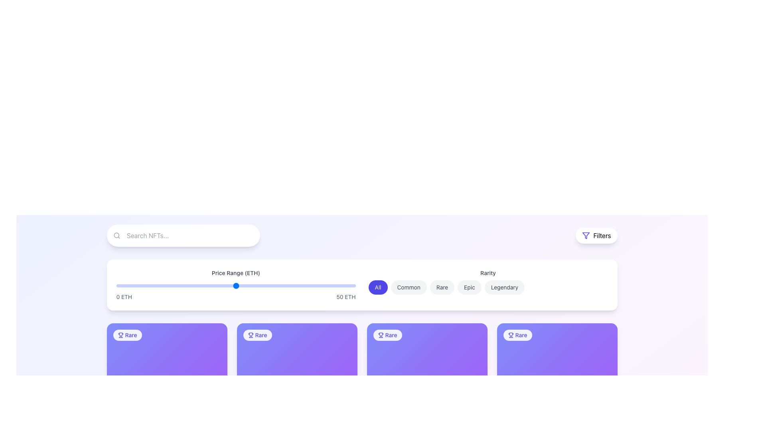  Describe the element at coordinates (586, 235) in the screenshot. I see `the funnel icon located in the header section, adjacent to the 'Filters' text` at that location.